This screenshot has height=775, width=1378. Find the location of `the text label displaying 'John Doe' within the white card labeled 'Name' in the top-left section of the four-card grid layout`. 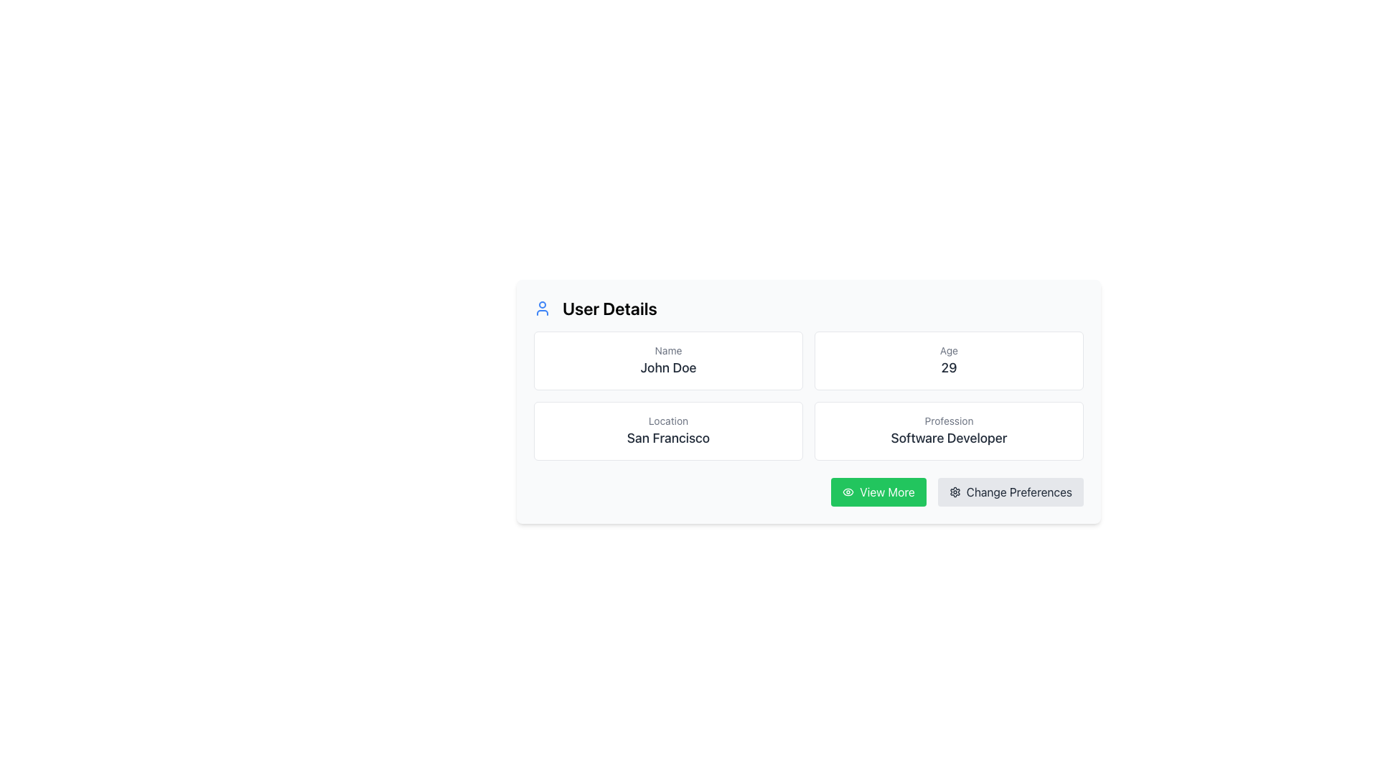

the text label displaying 'John Doe' within the white card labeled 'Name' in the top-left section of the four-card grid layout is located at coordinates (667, 367).